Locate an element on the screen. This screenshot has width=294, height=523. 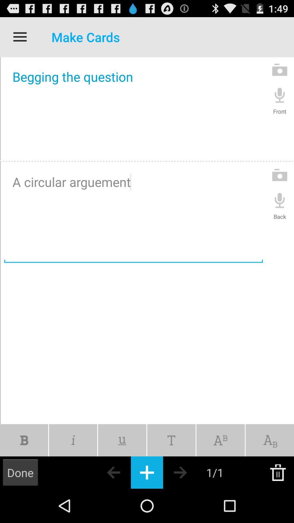
done item is located at coordinates (20, 472).